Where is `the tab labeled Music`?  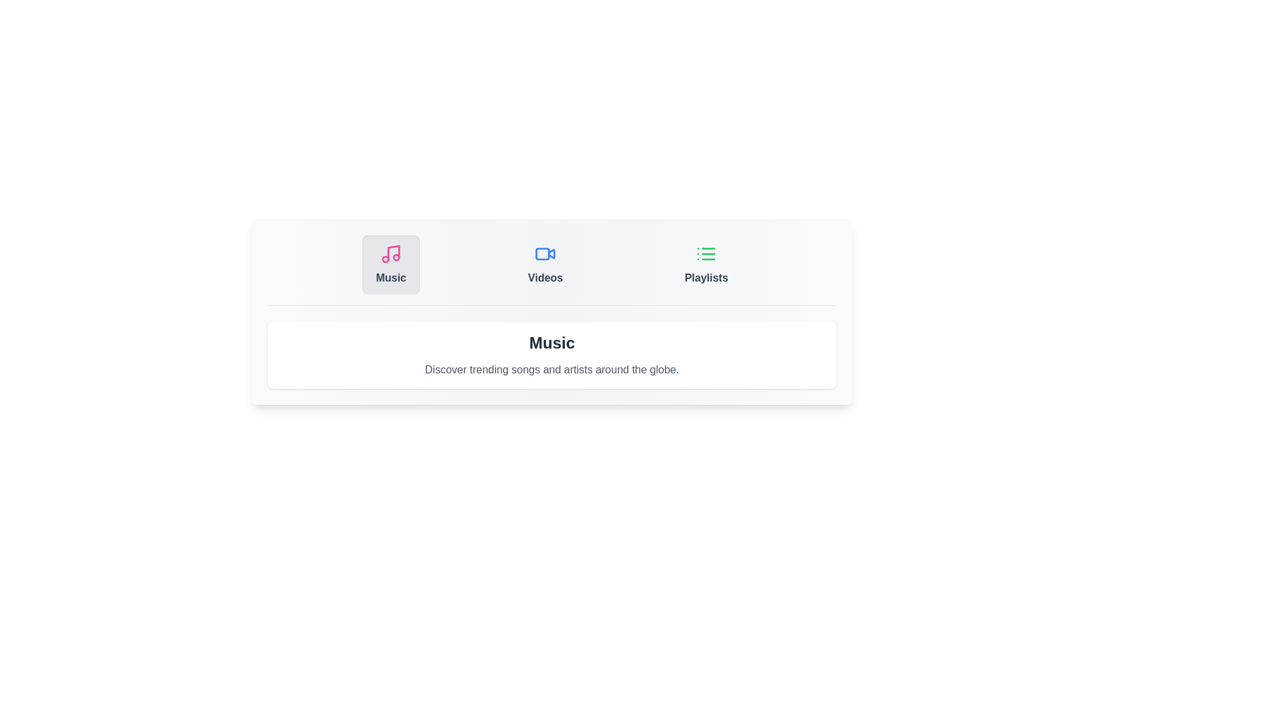 the tab labeled Music is located at coordinates (390, 264).